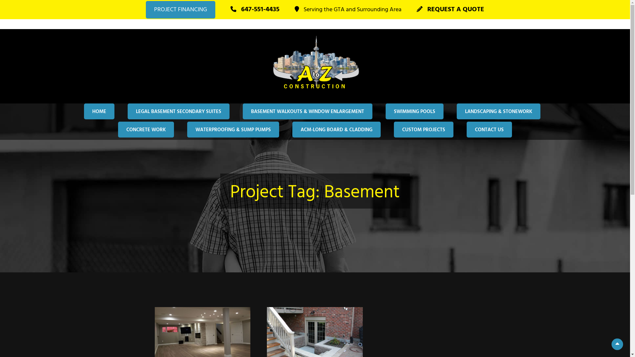 This screenshot has width=635, height=357. What do you see at coordinates (489, 130) in the screenshot?
I see `'CONTACT US'` at bounding box center [489, 130].